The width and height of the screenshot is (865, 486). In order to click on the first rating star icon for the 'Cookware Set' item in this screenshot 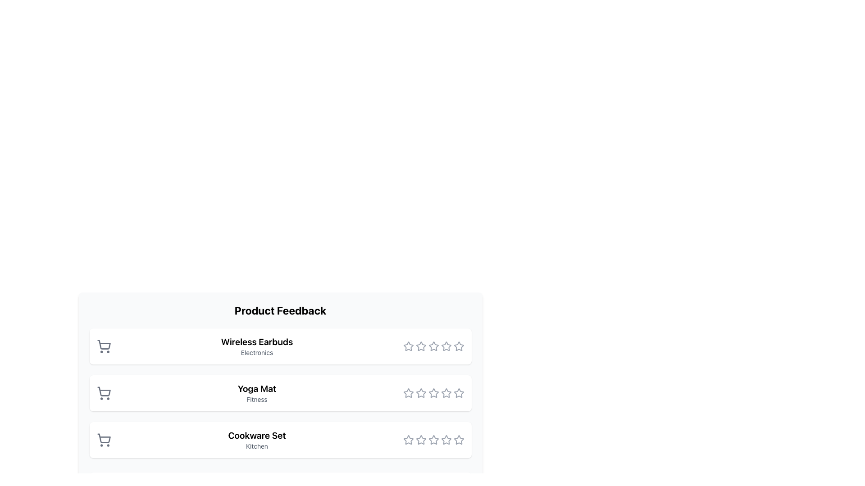, I will do `click(408, 439)`.